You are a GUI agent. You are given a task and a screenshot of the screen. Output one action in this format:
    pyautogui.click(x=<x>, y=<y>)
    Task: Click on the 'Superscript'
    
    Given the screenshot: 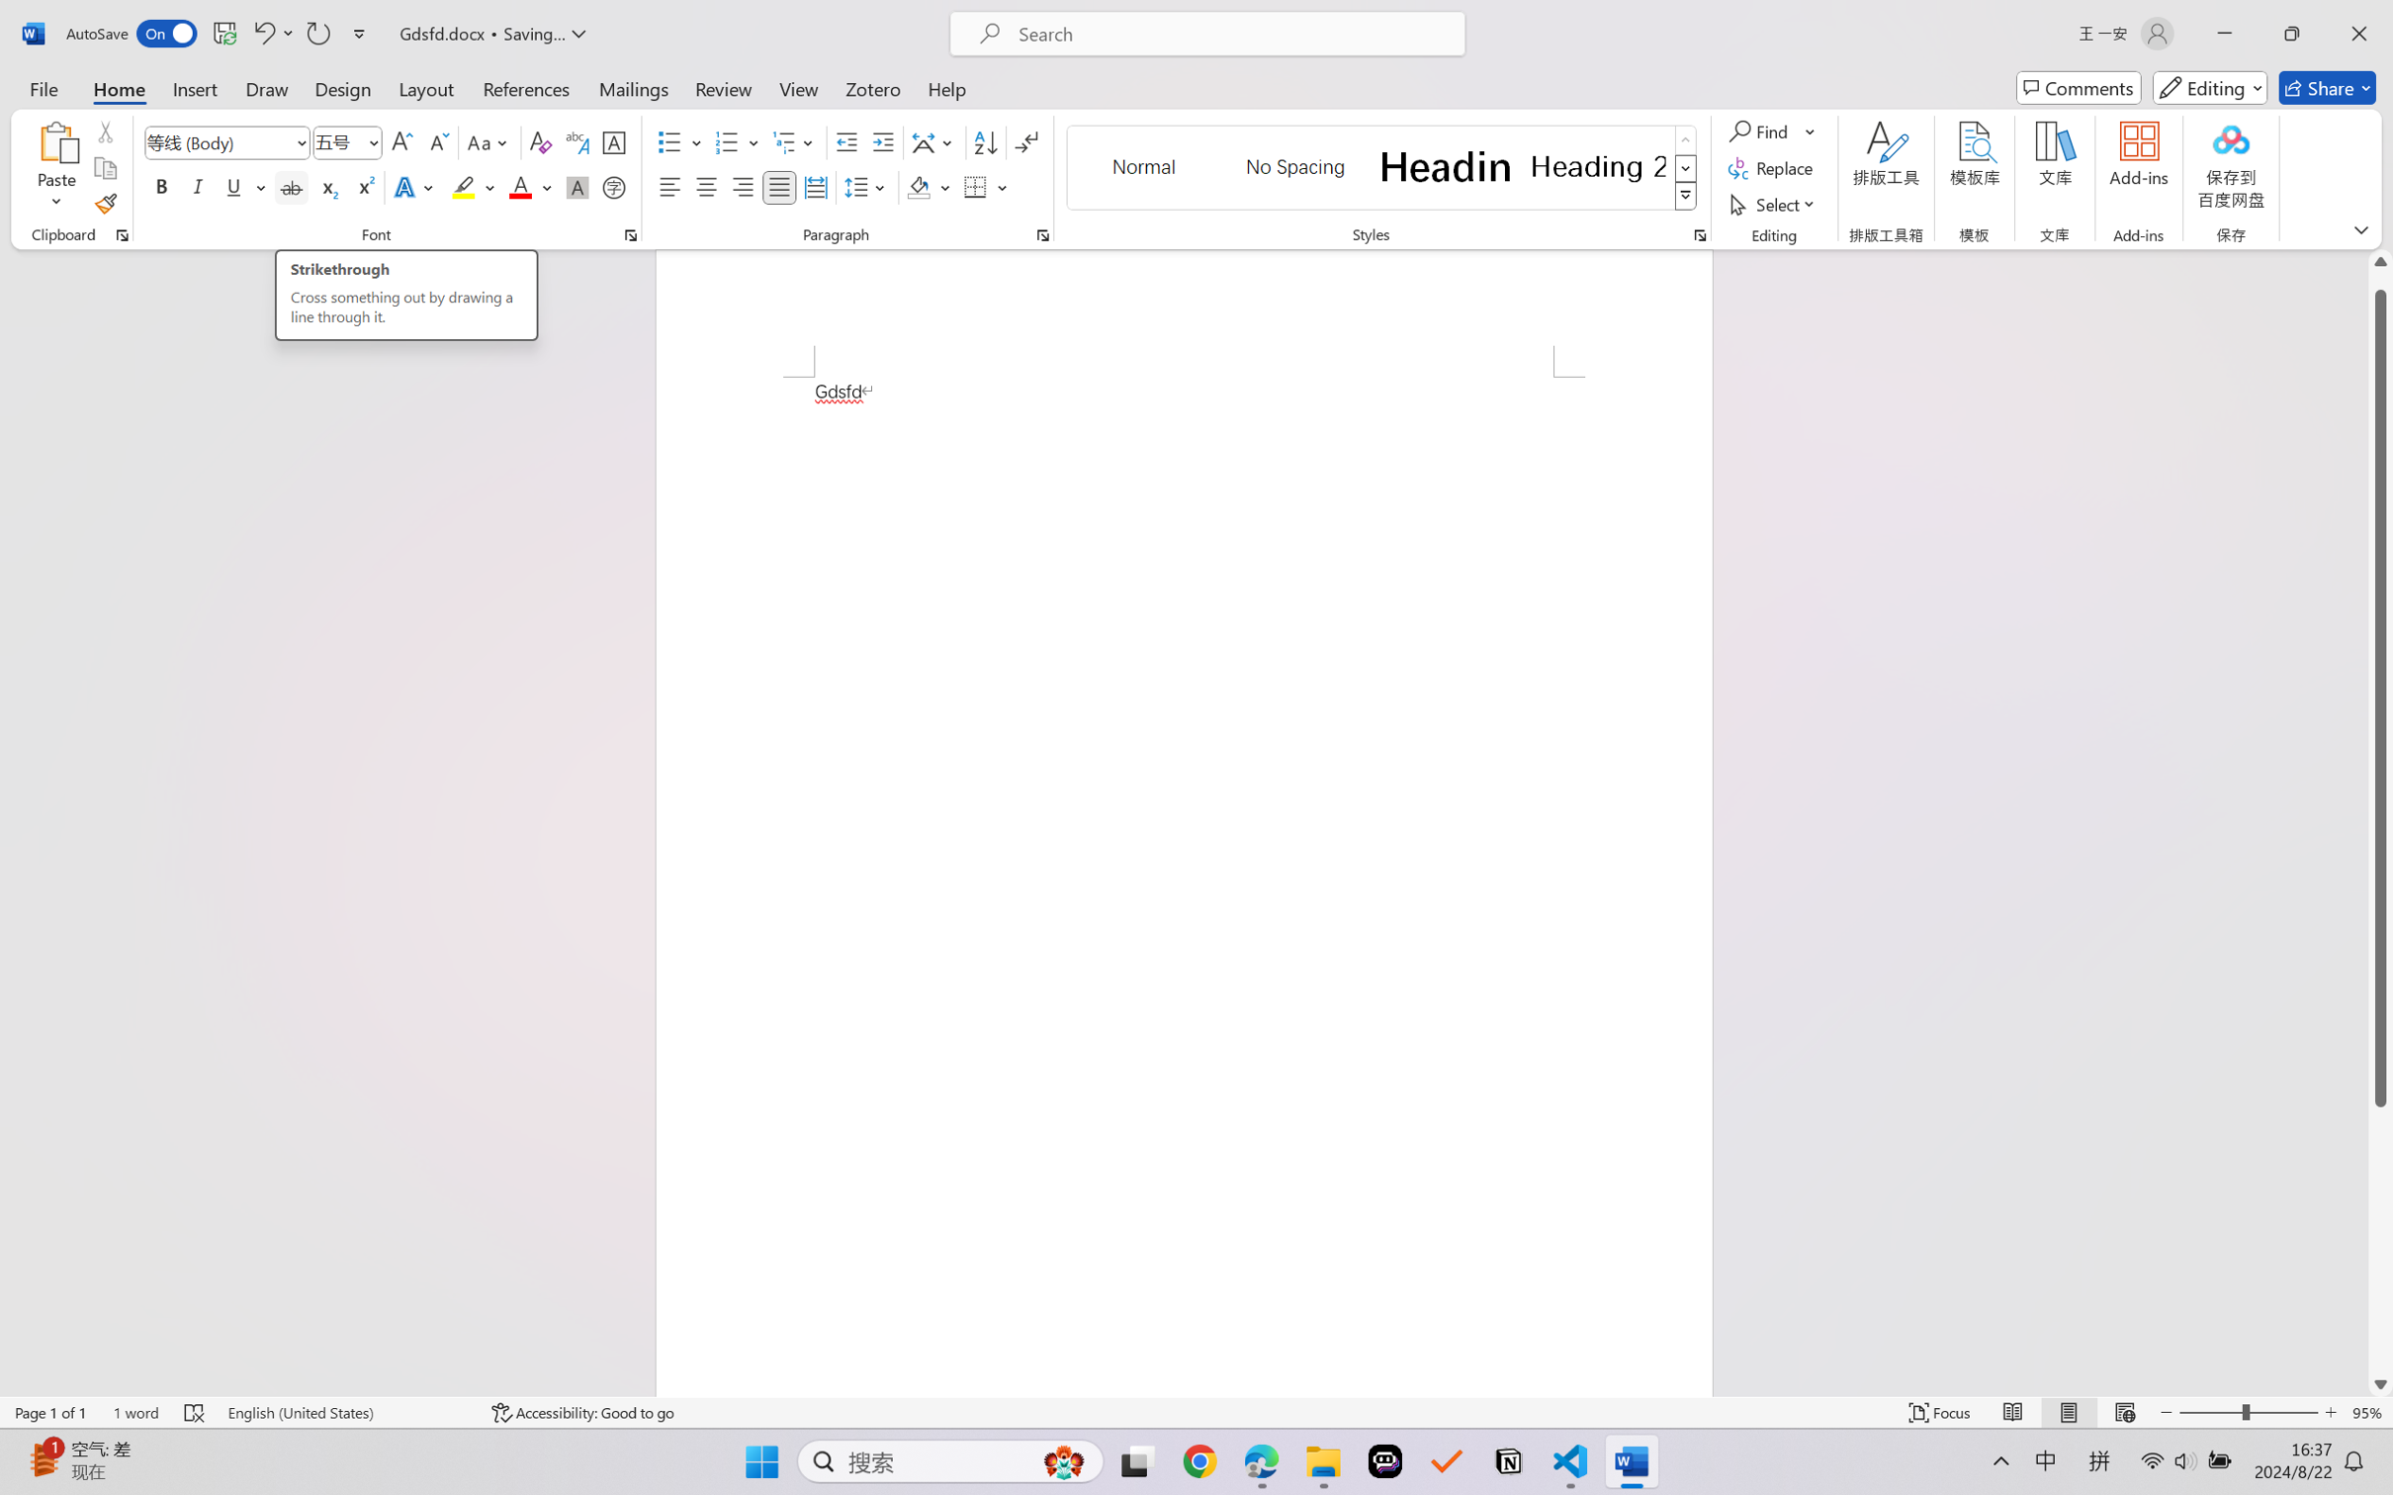 What is the action you would take?
    pyautogui.click(x=363, y=186)
    